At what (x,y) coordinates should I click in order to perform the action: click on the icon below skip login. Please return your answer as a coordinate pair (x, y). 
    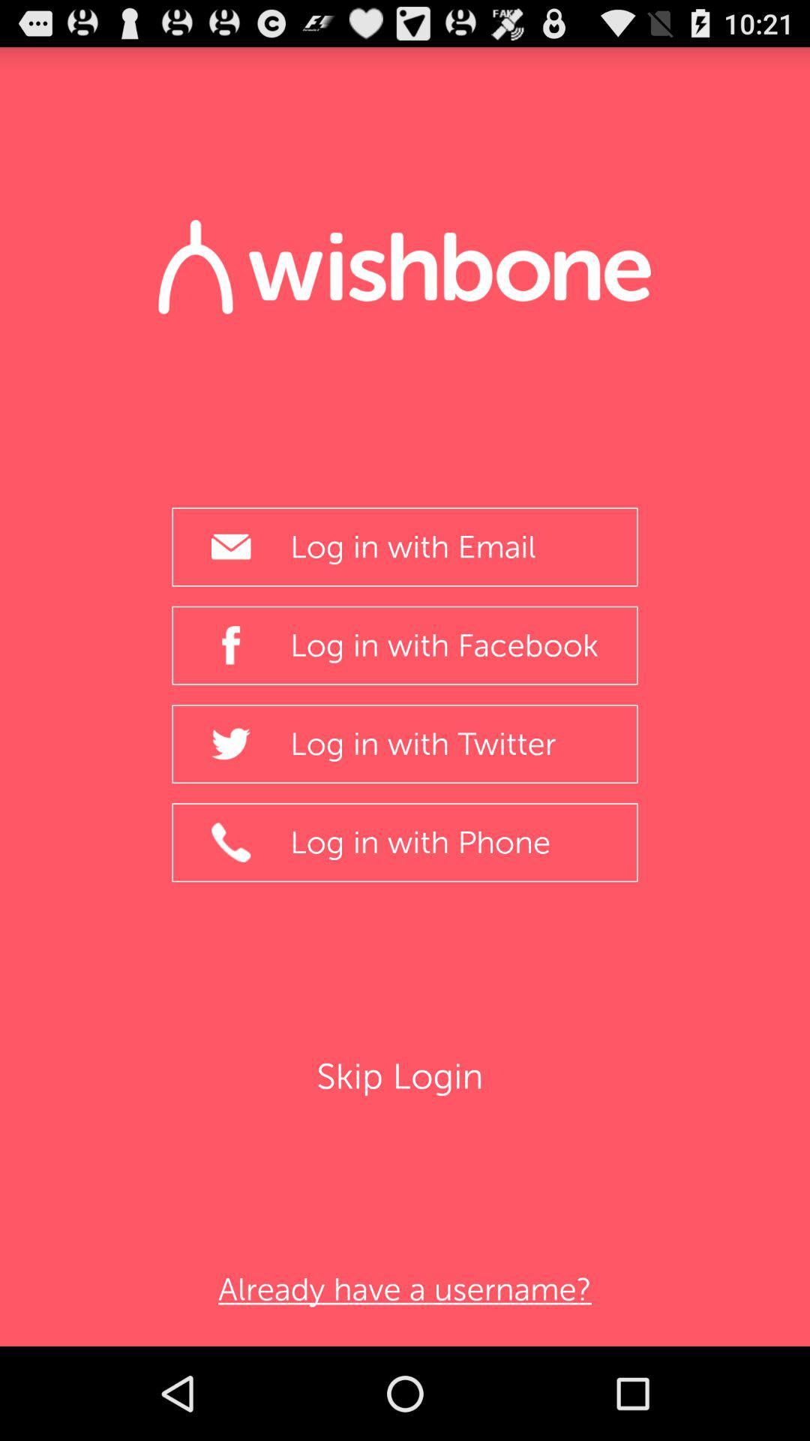
    Looking at the image, I should click on (405, 1289).